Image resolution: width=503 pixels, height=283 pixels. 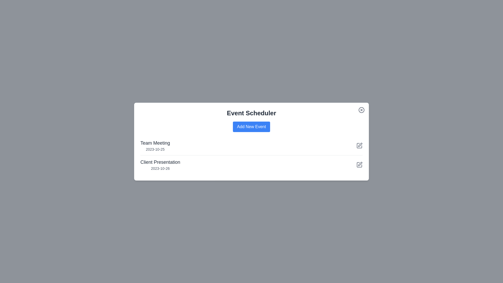 What do you see at coordinates (359, 164) in the screenshot?
I see `the edit button for the 'Client Presentation 2023-10-26' item to initiate an edit action` at bounding box center [359, 164].